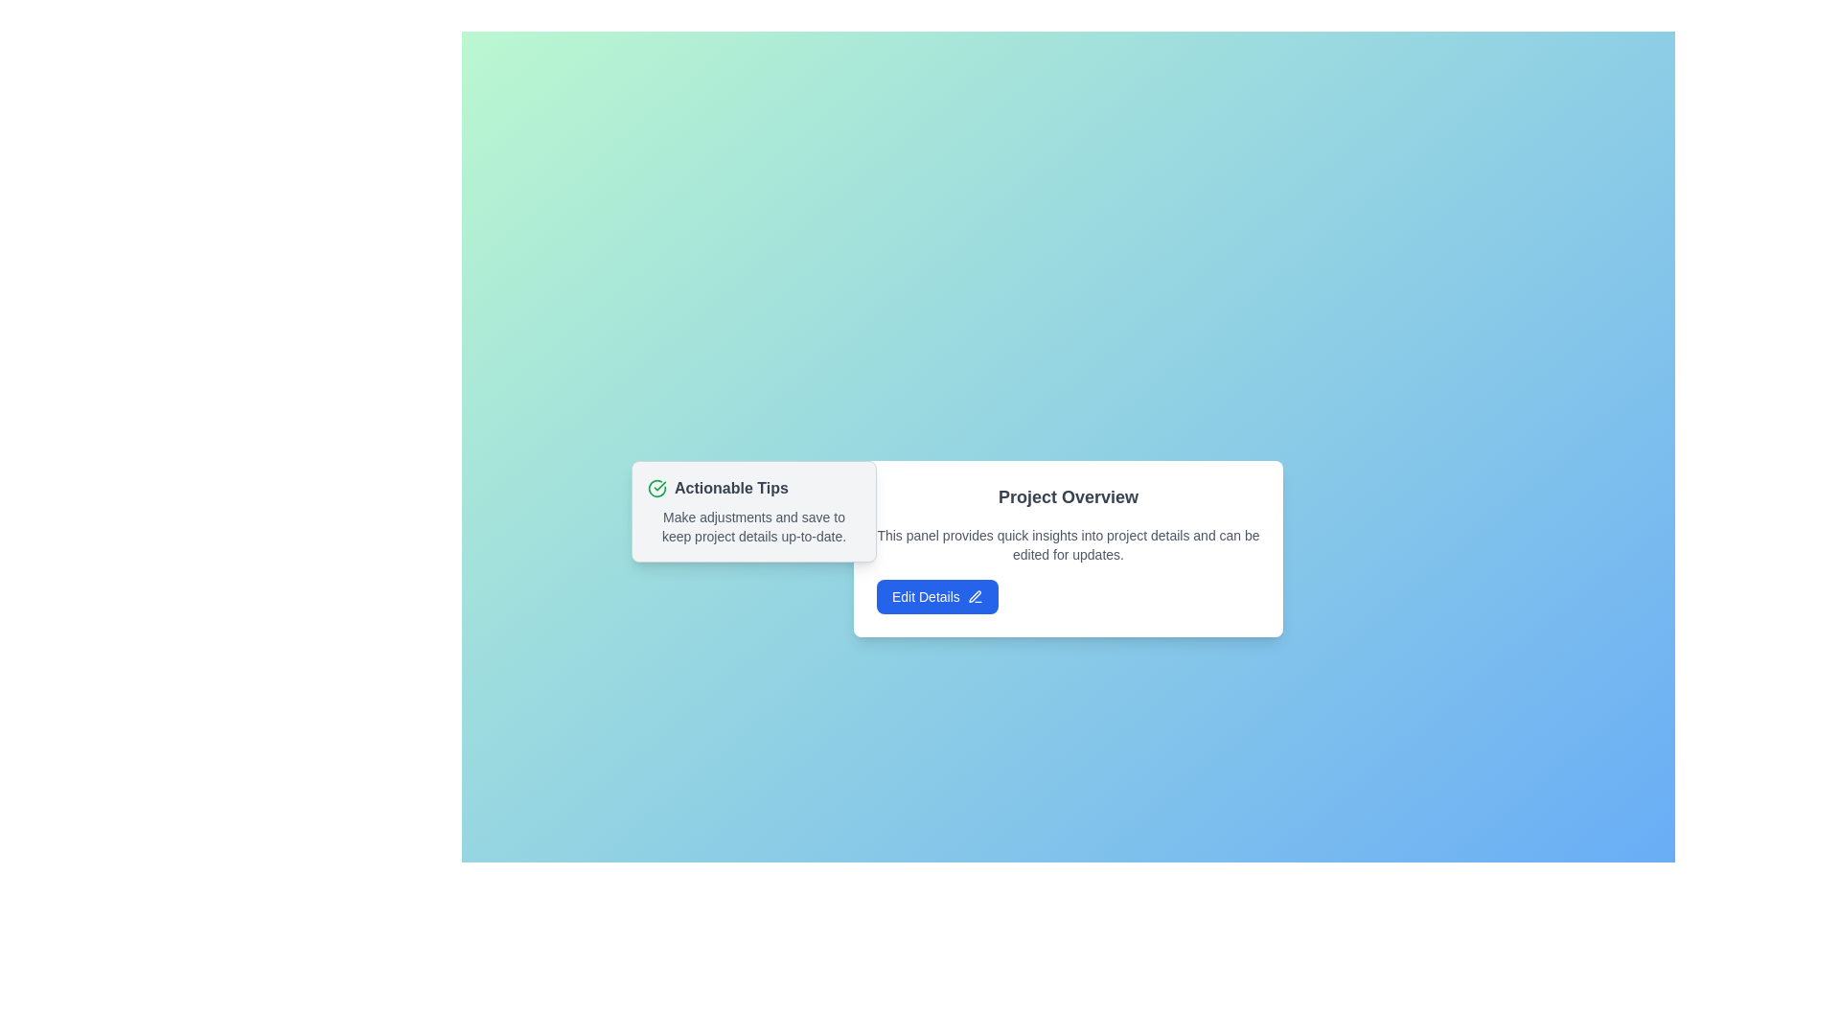 The image size is (1840, 1035). I want to click on instructional text content located within the 'Actionable Tips' box, which is the second item below the title text, so click(753, 527).